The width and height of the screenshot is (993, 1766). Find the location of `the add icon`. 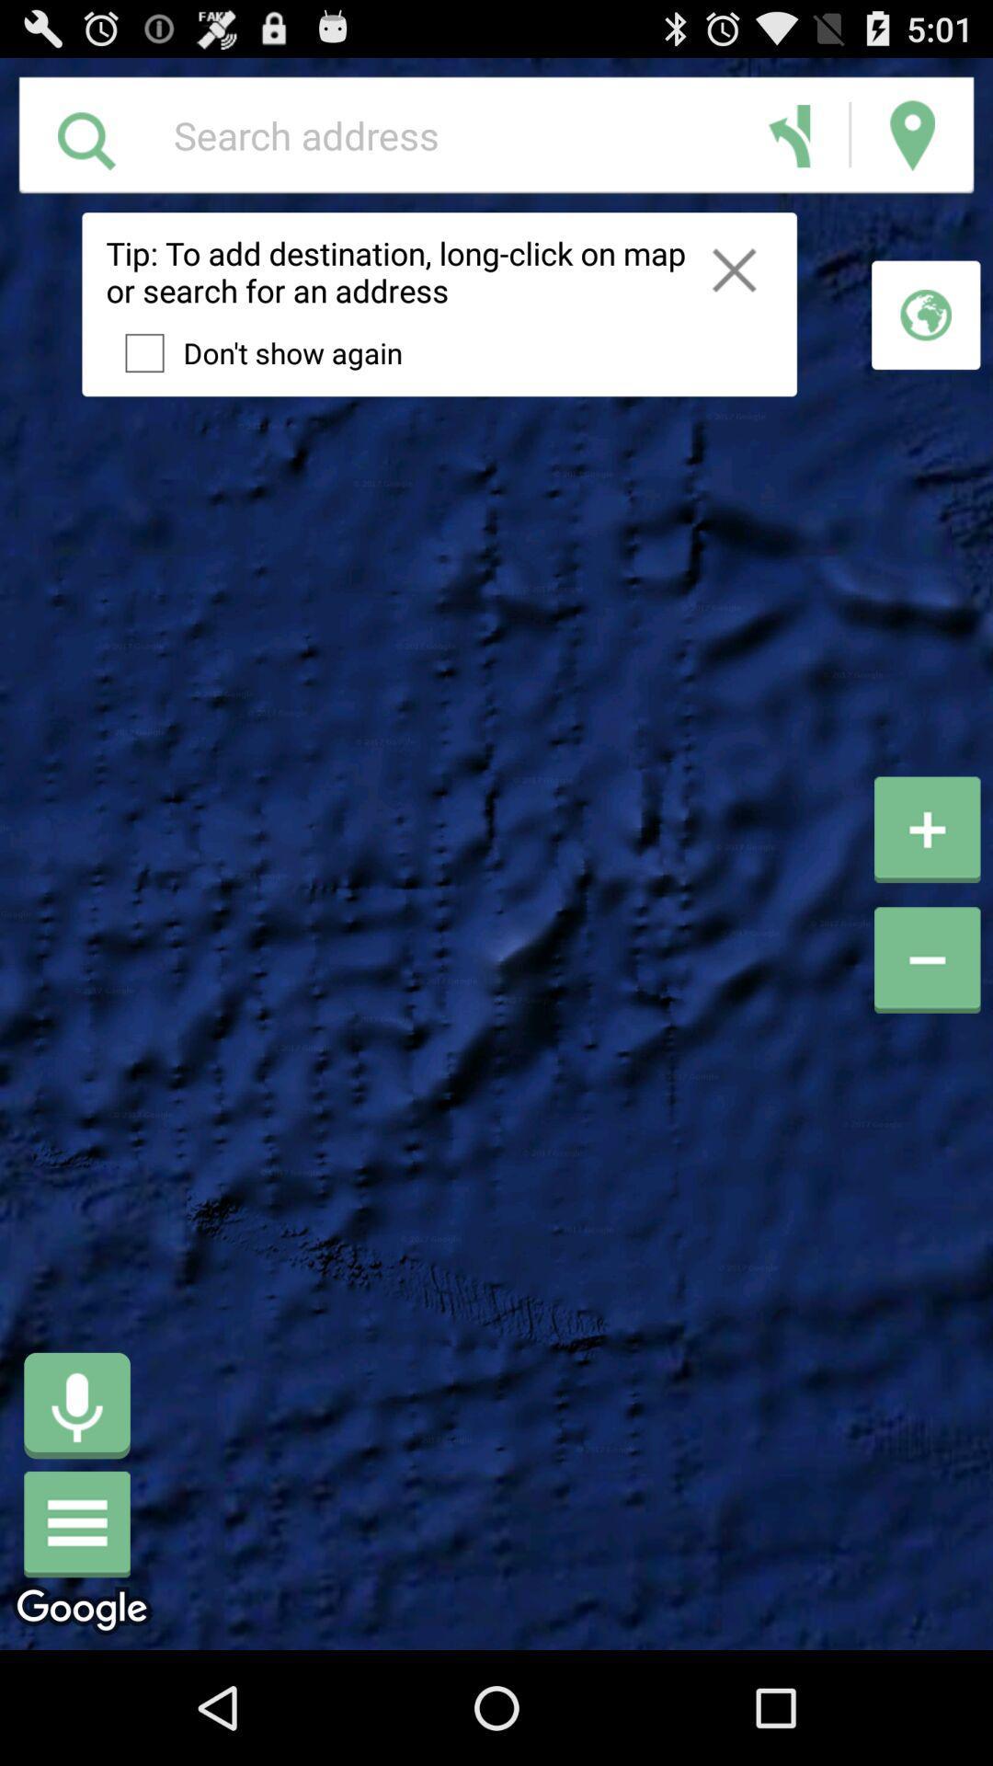

the add icon is located at coordinates (927, 888).